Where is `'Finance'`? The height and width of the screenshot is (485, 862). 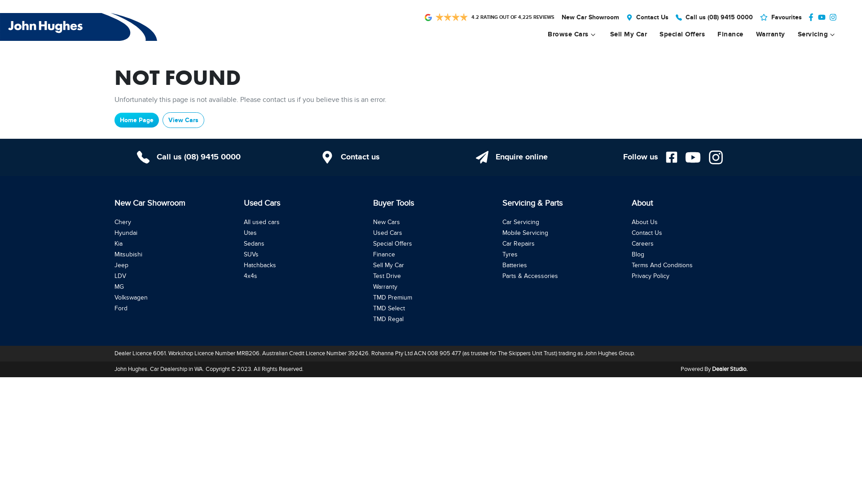
'Finance' is located at coordinates (730, 34).